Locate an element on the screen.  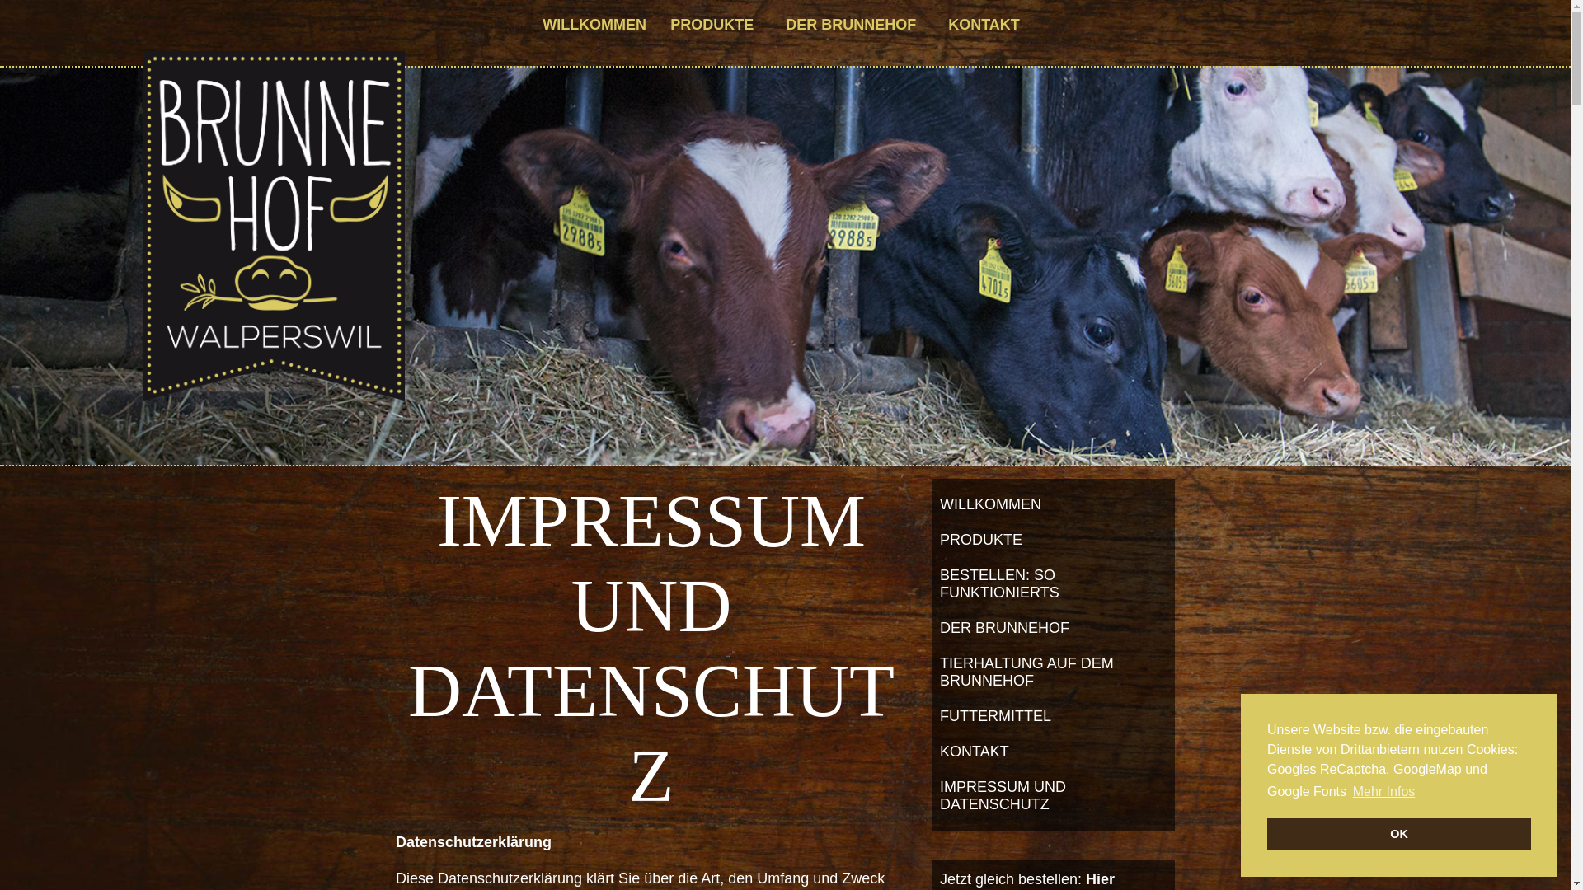
'BESTELLEN: SO FUNKTIONIERTS' is located at coordinates (940, 583).